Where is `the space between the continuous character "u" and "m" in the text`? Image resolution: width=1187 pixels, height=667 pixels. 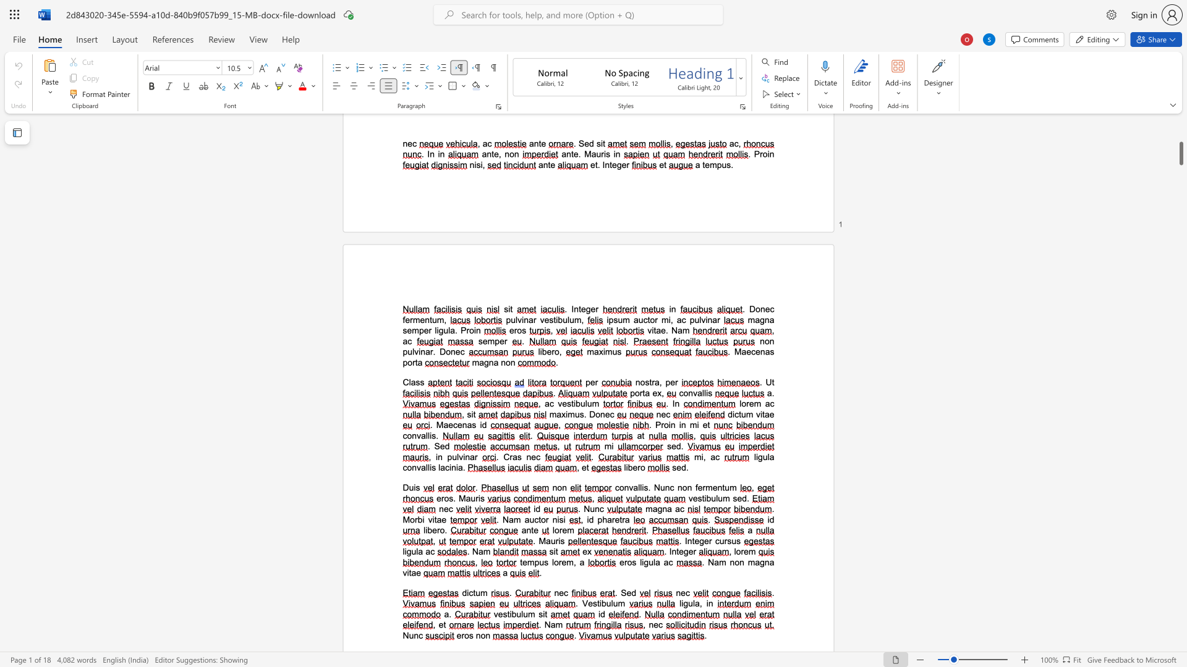
the space between the continuous character "u" and "m" in the text is located at coordinates (618, 603).